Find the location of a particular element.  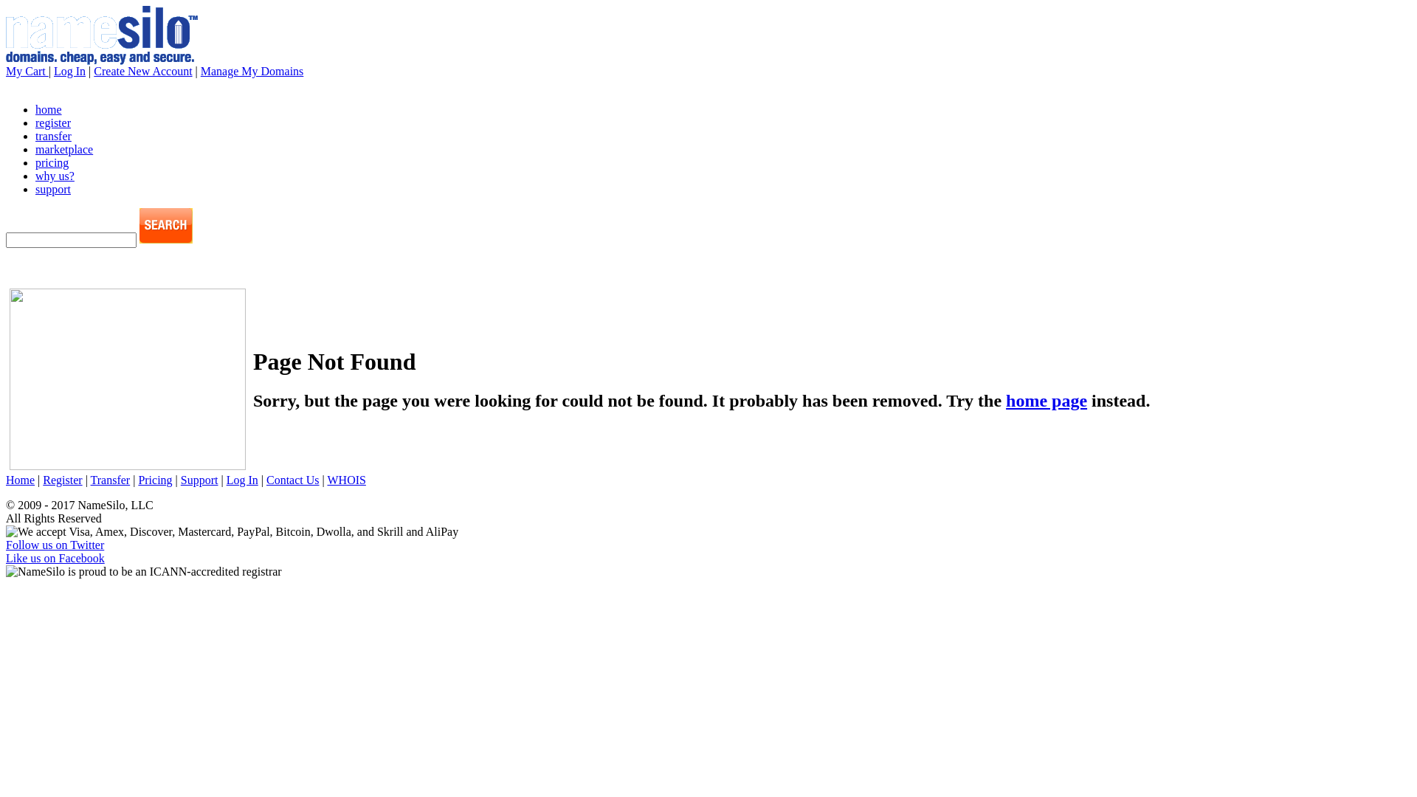

'My Cart' is located at coordinates (27, 71).